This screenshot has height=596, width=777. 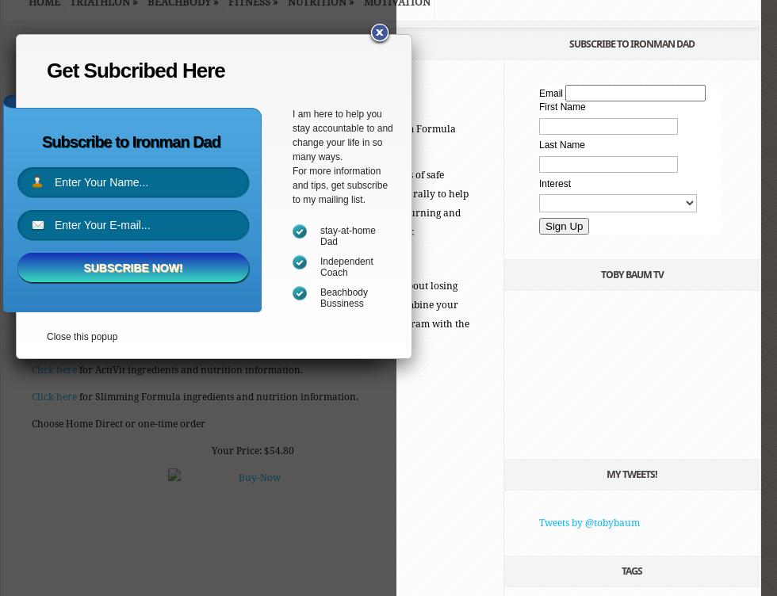 I want to click on 'Tweets by @tobybaum', so click(x=589, y=521).